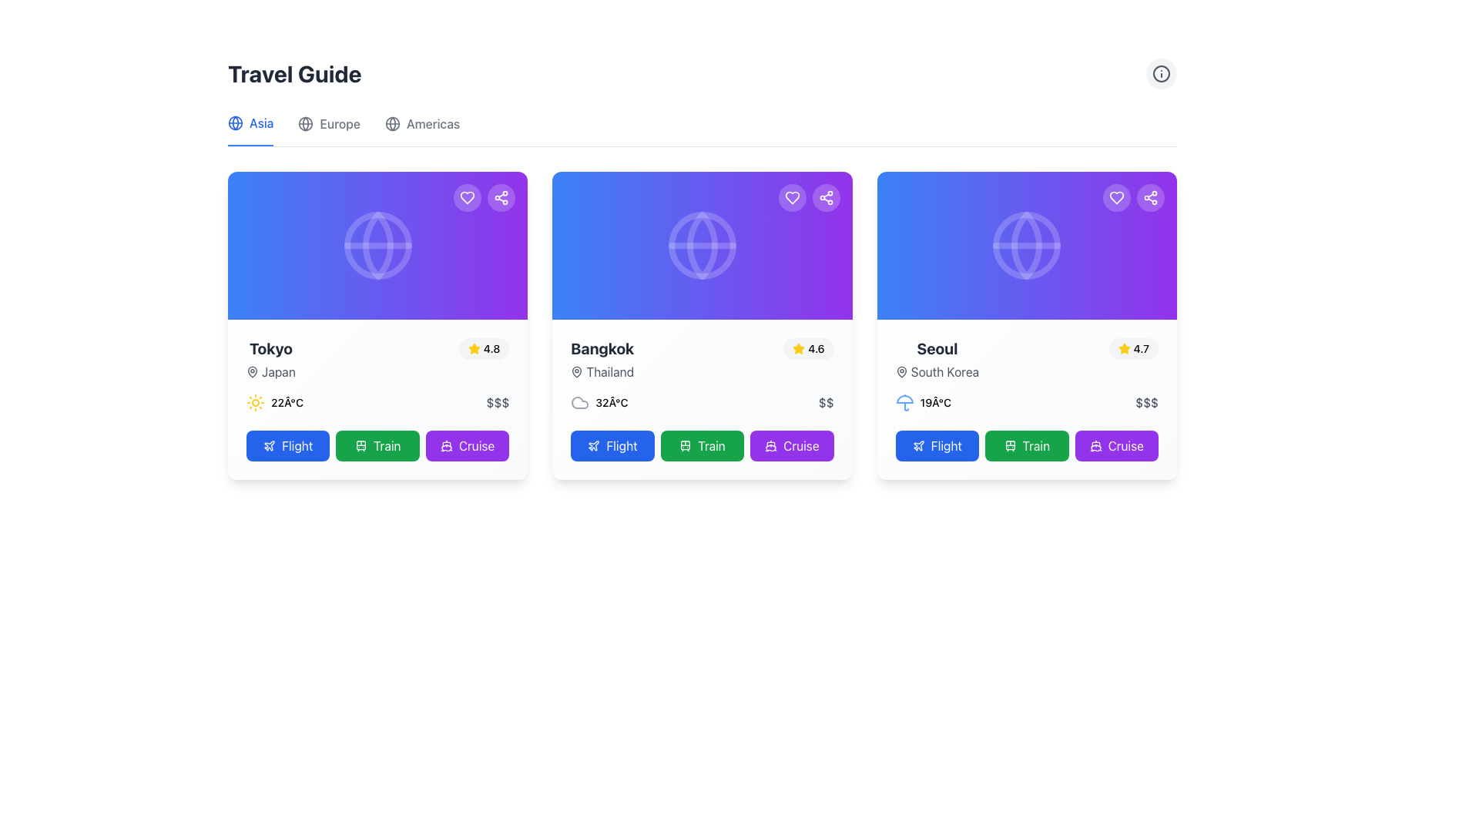 The height and width of the screenshot is (832, 1479). What do you see at coordinates (306, 123) in the screenshot?
I see `the circular SVG graphical element that visually distinguishes the section for Asia in the navigation UI by moving the cursor to its center point` at bounding box center [306, 123].